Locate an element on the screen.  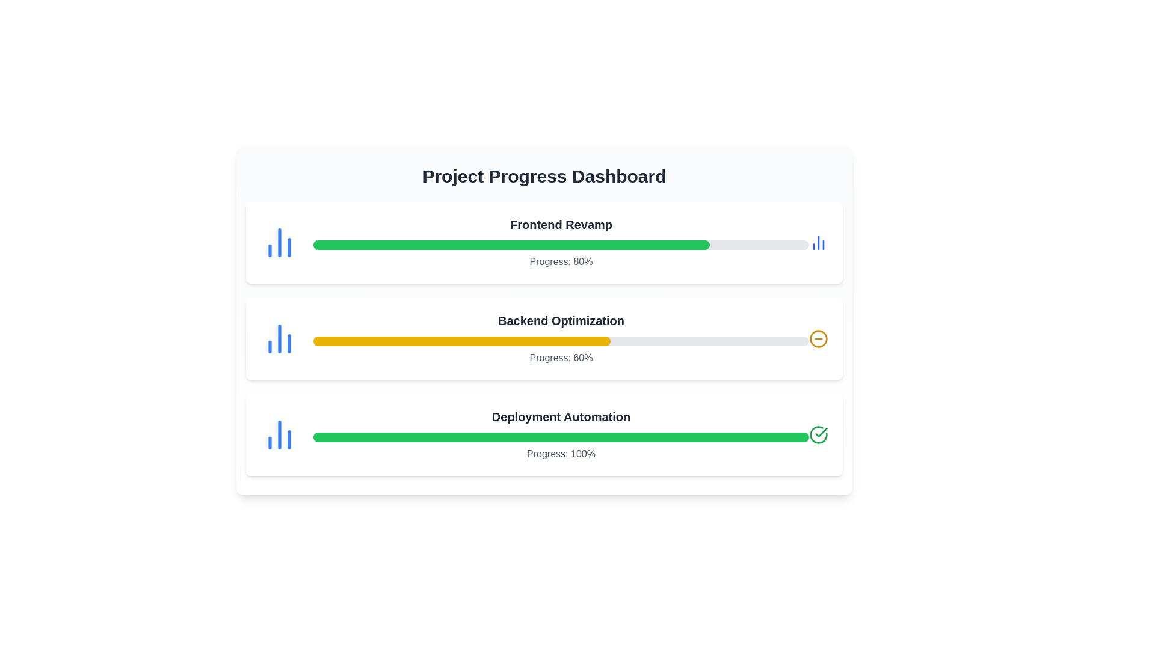
the filled progress indicator representing 60% completion of the 'Backend Optimization' task, located within the grey progress bar is located at coordinates (461, 341).